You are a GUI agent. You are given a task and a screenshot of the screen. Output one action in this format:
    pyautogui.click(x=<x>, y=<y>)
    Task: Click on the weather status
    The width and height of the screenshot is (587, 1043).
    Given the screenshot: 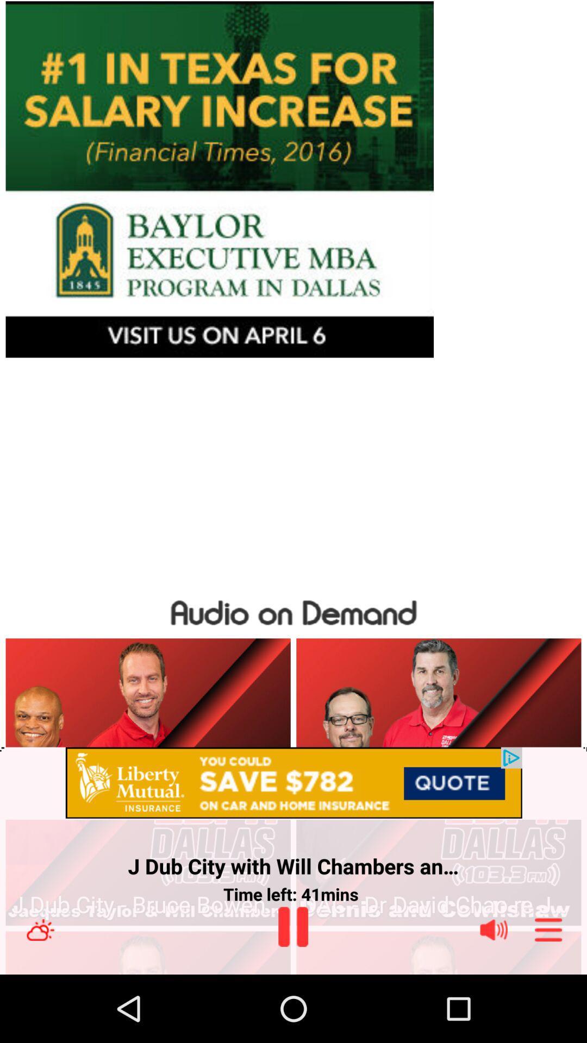 What is the action you would take?
    pyautogui.click(x=40, y=929)
    